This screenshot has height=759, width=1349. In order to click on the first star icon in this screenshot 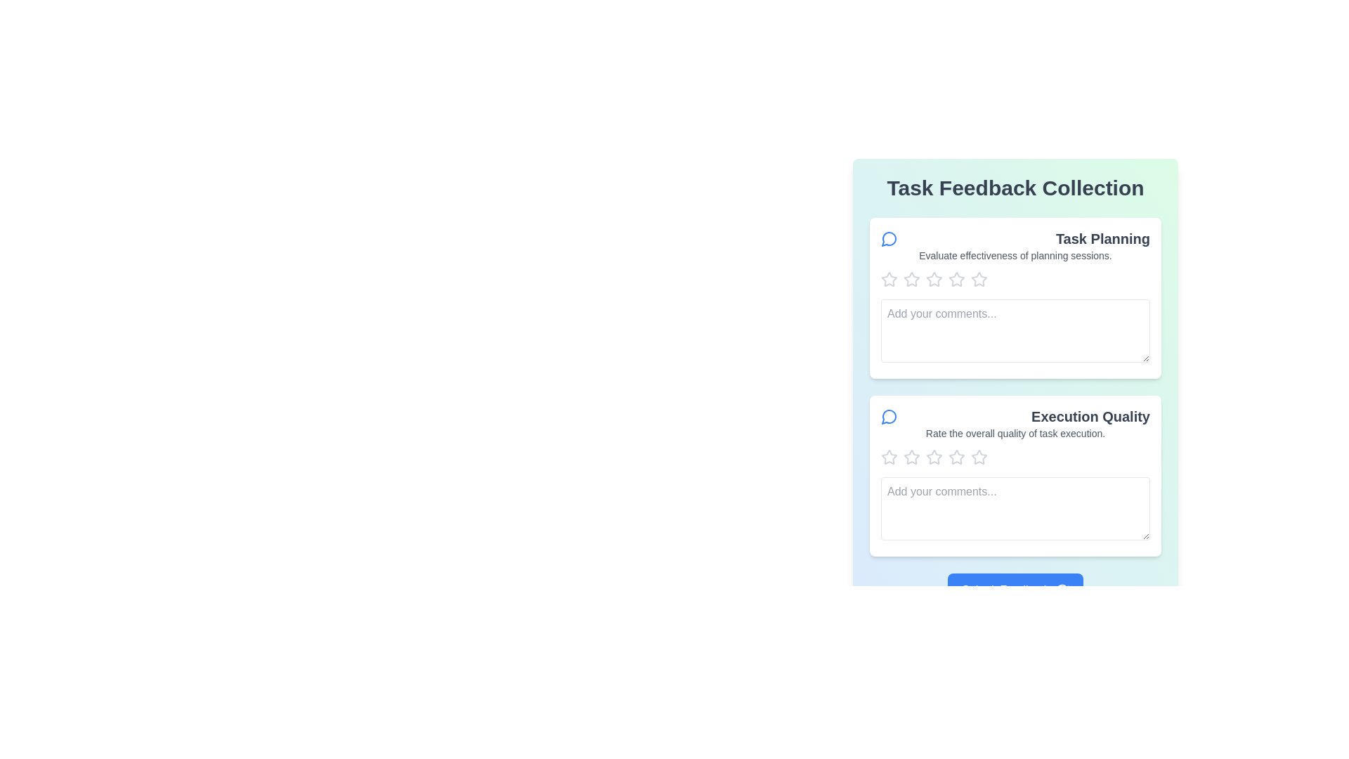, I will do `click(888, 279)`.